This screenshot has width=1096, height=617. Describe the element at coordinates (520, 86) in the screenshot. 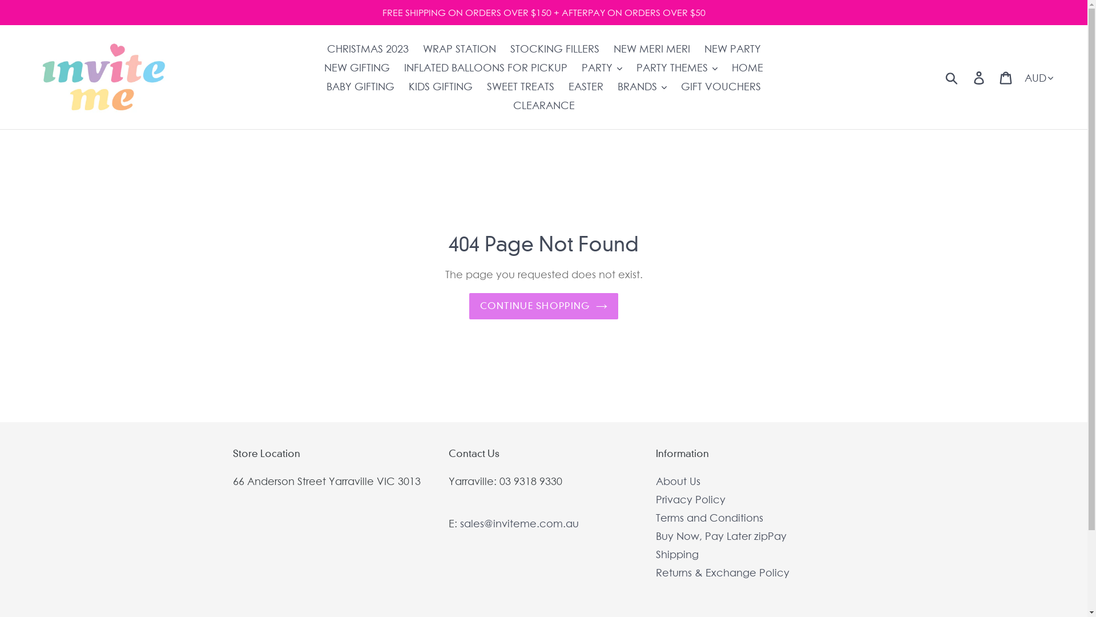

I see `'SWEET TREATS'` at that location.